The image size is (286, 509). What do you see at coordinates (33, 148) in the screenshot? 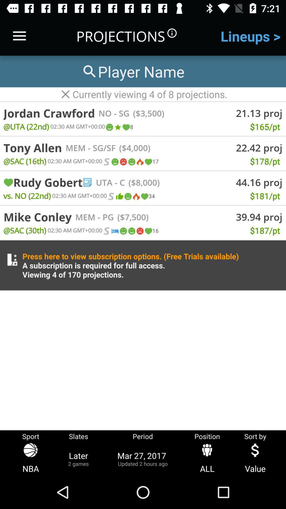
I see `icon above the @sac (16th) icon` at bounding box center [33, 148].